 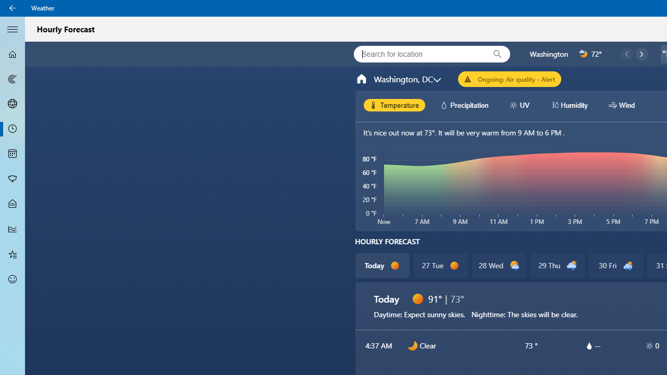 What do you see at coordinates (13, 254) in the screenshot?
I see `'Favorites - Not Selected'` at bounding box center [13, 254].